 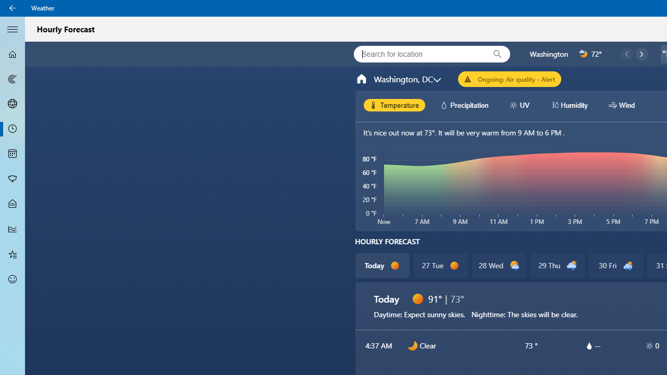 What do you see at coordinates (13, 254) in the screenshot?
I see `'Favorites - Not Selected'` at bounding box center [13, 254].